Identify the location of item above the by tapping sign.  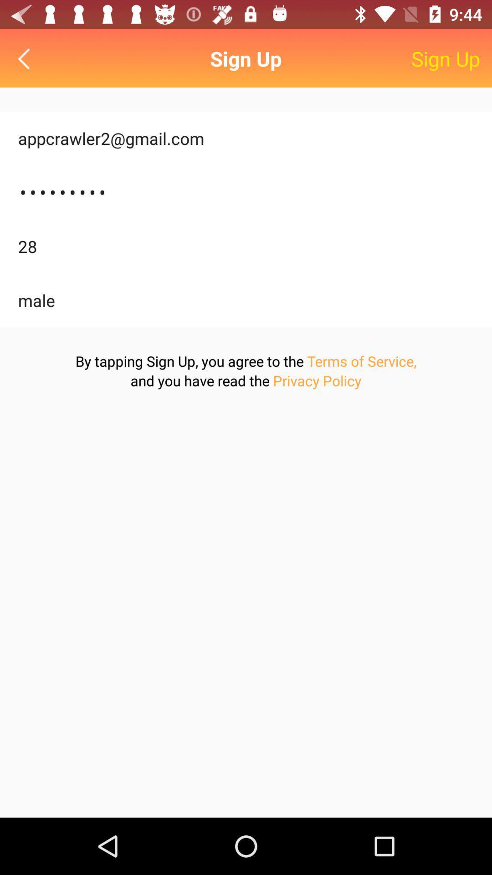
(246, 300).